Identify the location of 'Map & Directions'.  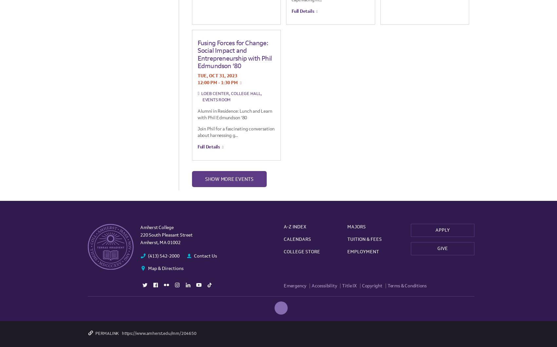
(165, 268).